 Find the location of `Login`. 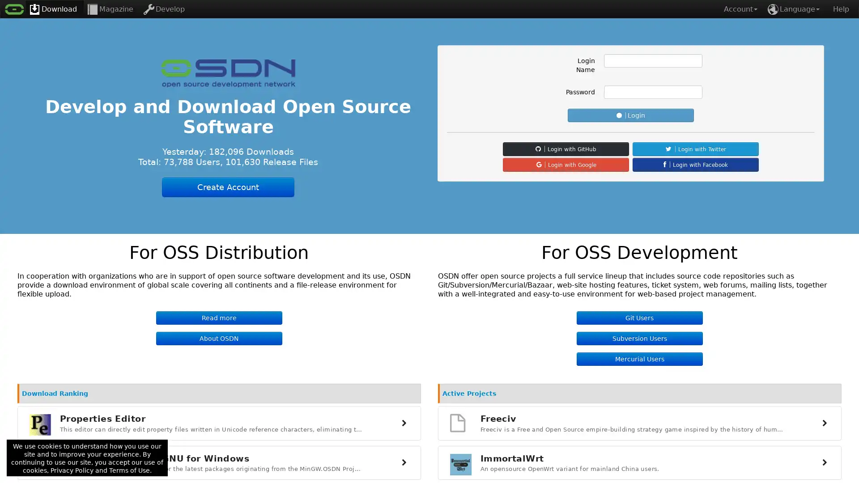

Login is located at coordinates (630, 115).